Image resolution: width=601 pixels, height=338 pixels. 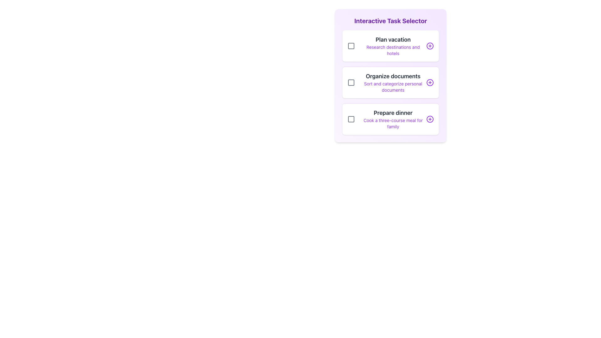 I want to click on the purple SVG Circle Element, which is part of the interactive task list and located to the right of the 'Plan vacation' task, so click(x=429, y=45).